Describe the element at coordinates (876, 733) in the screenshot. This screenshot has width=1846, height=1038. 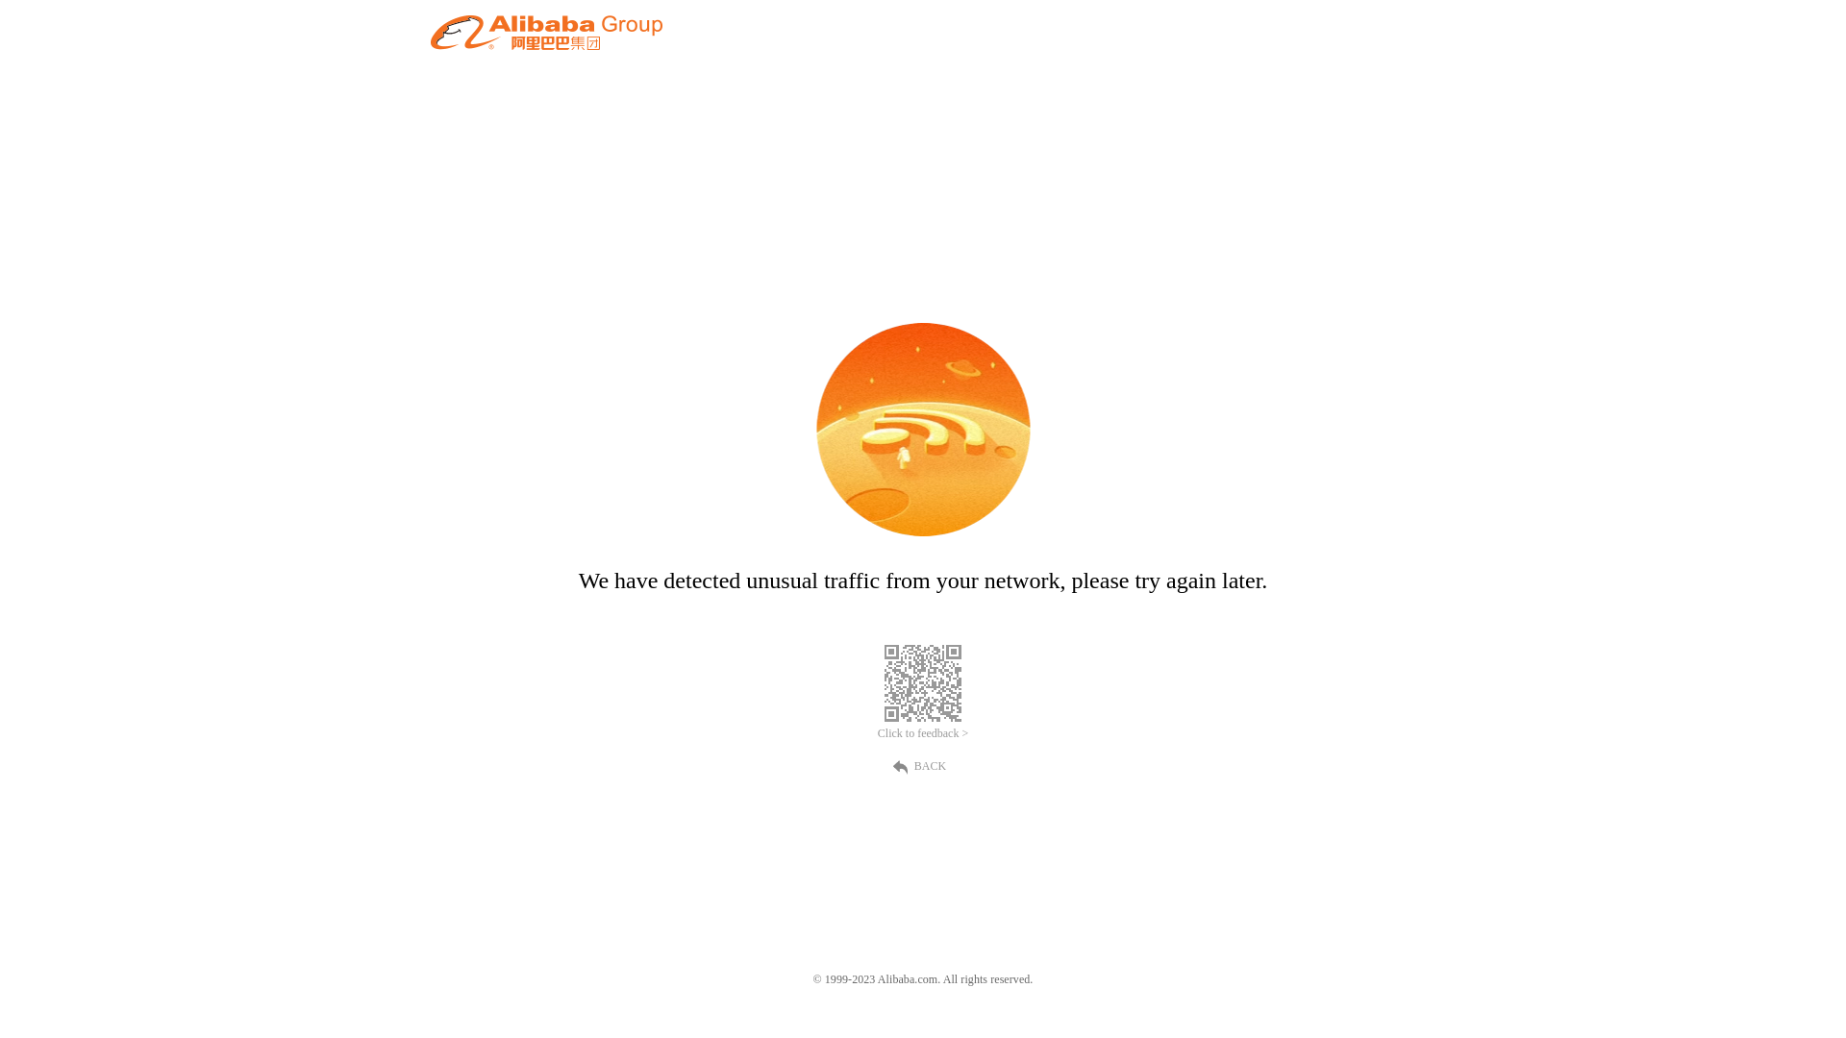
I see `'Click to feedback >'` at that location.